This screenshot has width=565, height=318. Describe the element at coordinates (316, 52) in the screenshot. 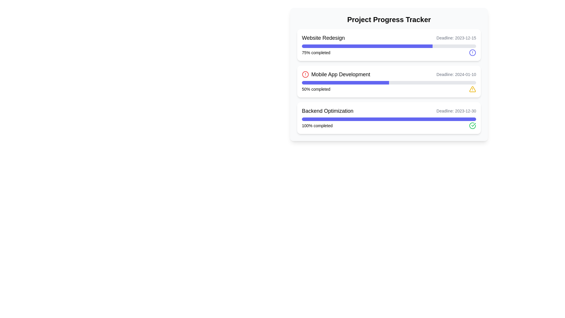

I see `the text label displaying '75% completed', which is located below the 'Website Redesign' label and aligned with the progress bar` at that location.